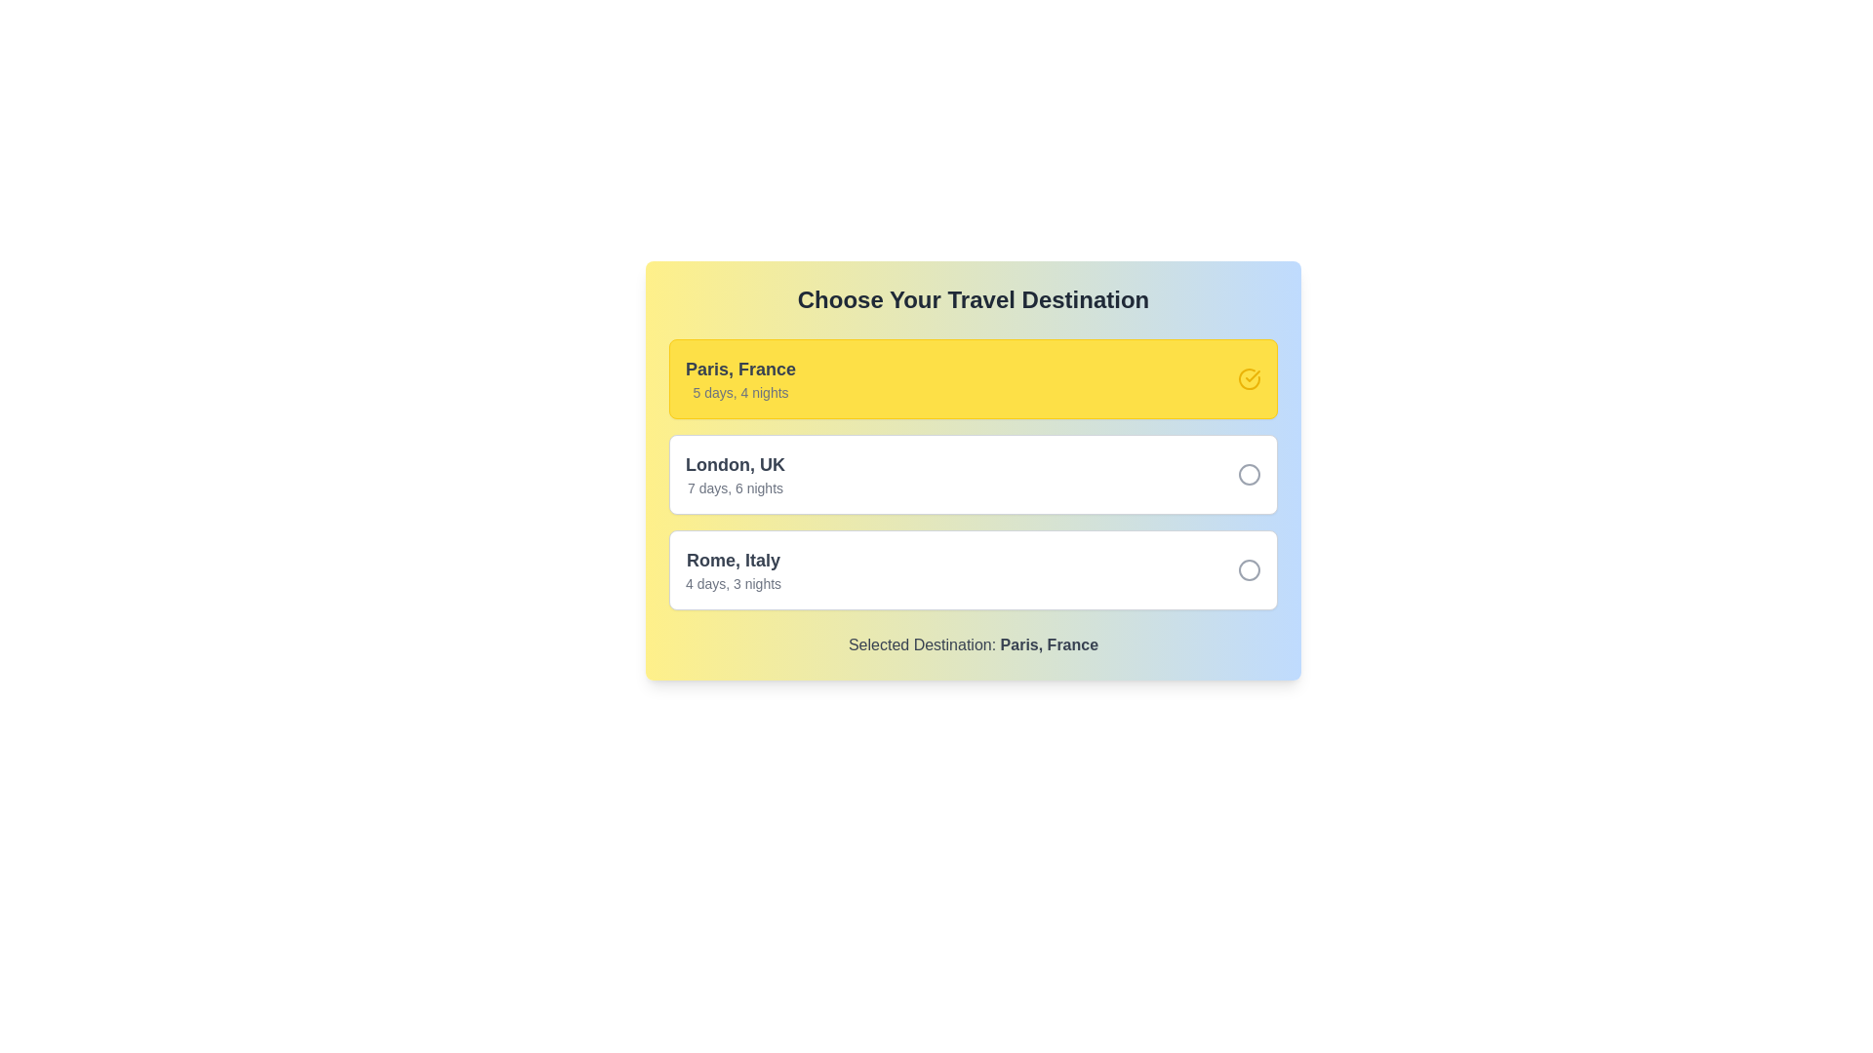  I want to click on the text display component that shows 'Paris, France', so click(739, 379).